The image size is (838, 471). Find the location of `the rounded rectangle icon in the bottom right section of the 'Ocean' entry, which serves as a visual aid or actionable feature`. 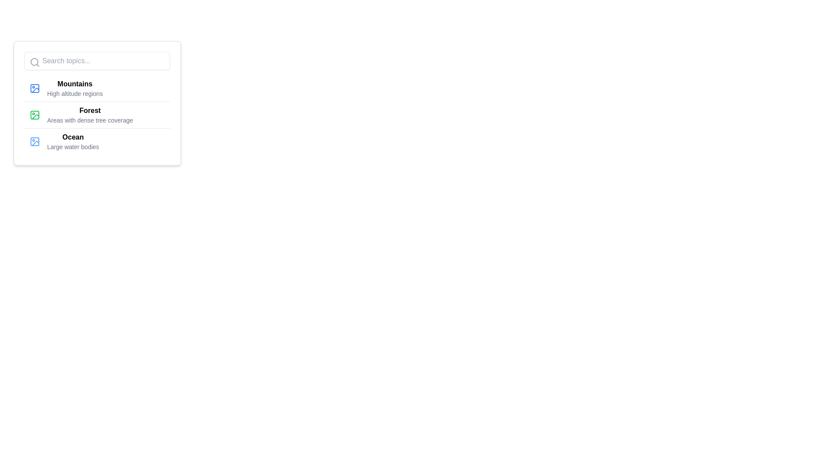

the rounded rectangle icon in the bottom right section of the 'Ocean' entry, which serves as a visual aid or actionable feature is located at coordinates (35, 141).